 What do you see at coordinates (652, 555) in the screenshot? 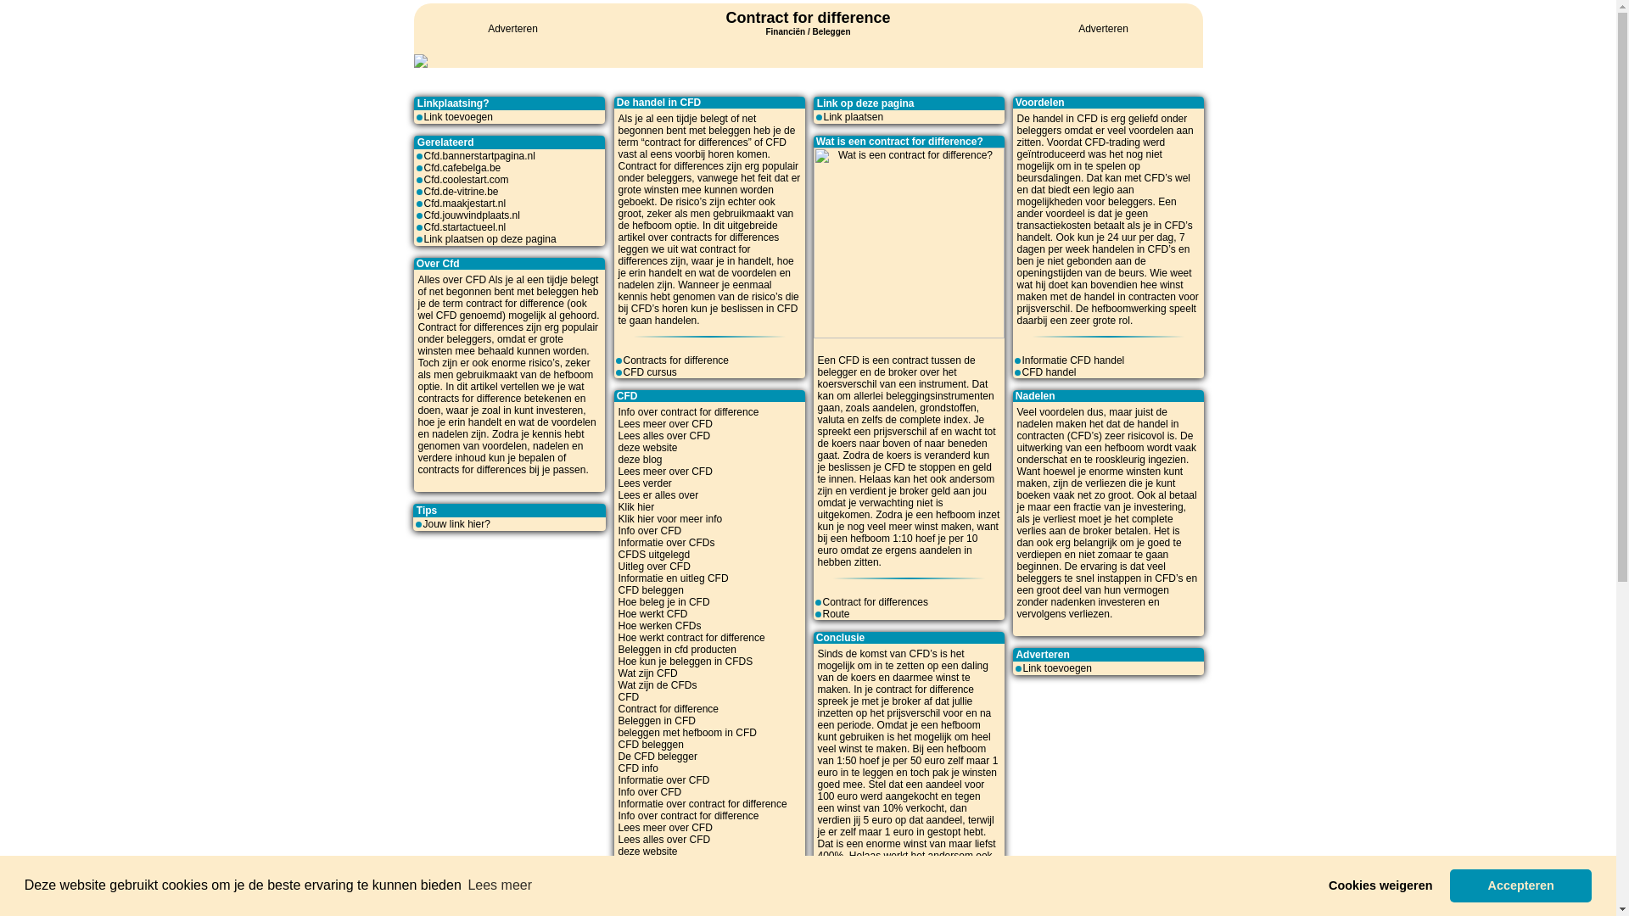
I see `'CFDS uitgelegd'` at bounding box center [652, 555].